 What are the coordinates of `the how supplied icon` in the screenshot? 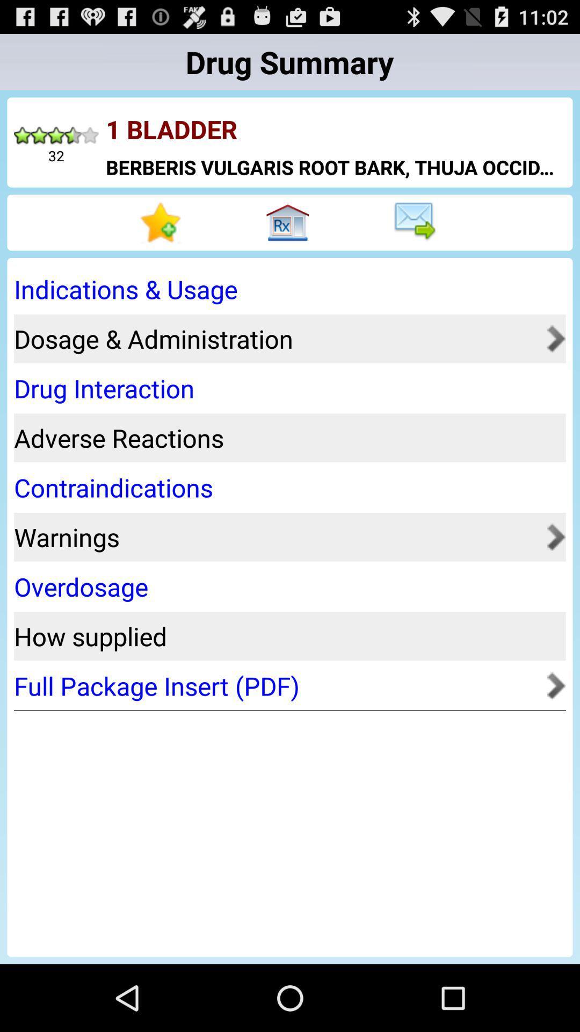 It's located at (286, 636).